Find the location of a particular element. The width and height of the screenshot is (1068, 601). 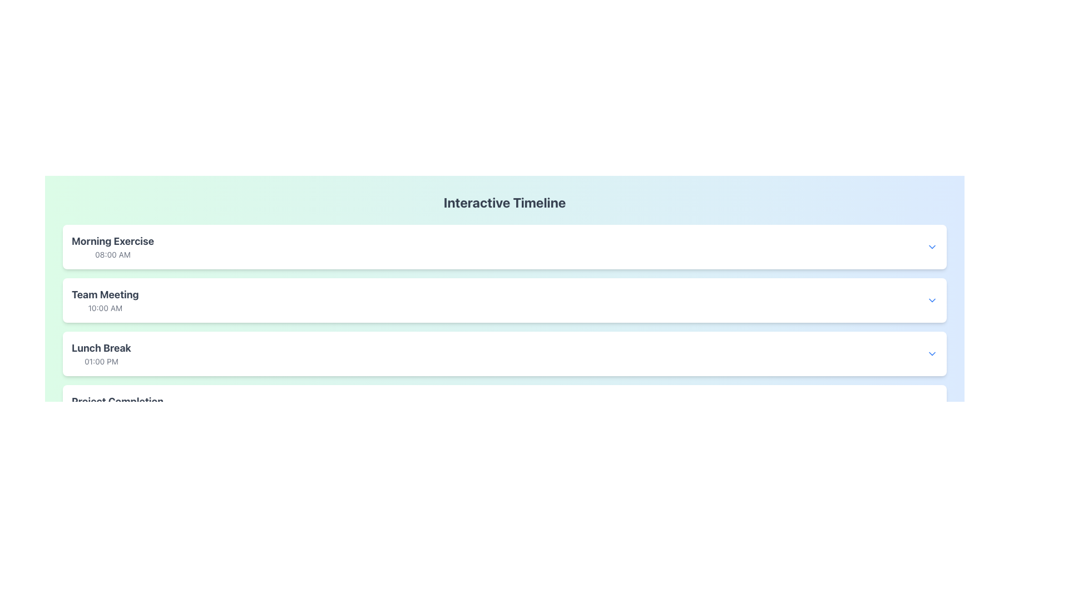

the text label displaying '01:00 PM', which is positioned below the 'Lunch Break' label within the interactive timeline interface is located at coordinates (101, 362).